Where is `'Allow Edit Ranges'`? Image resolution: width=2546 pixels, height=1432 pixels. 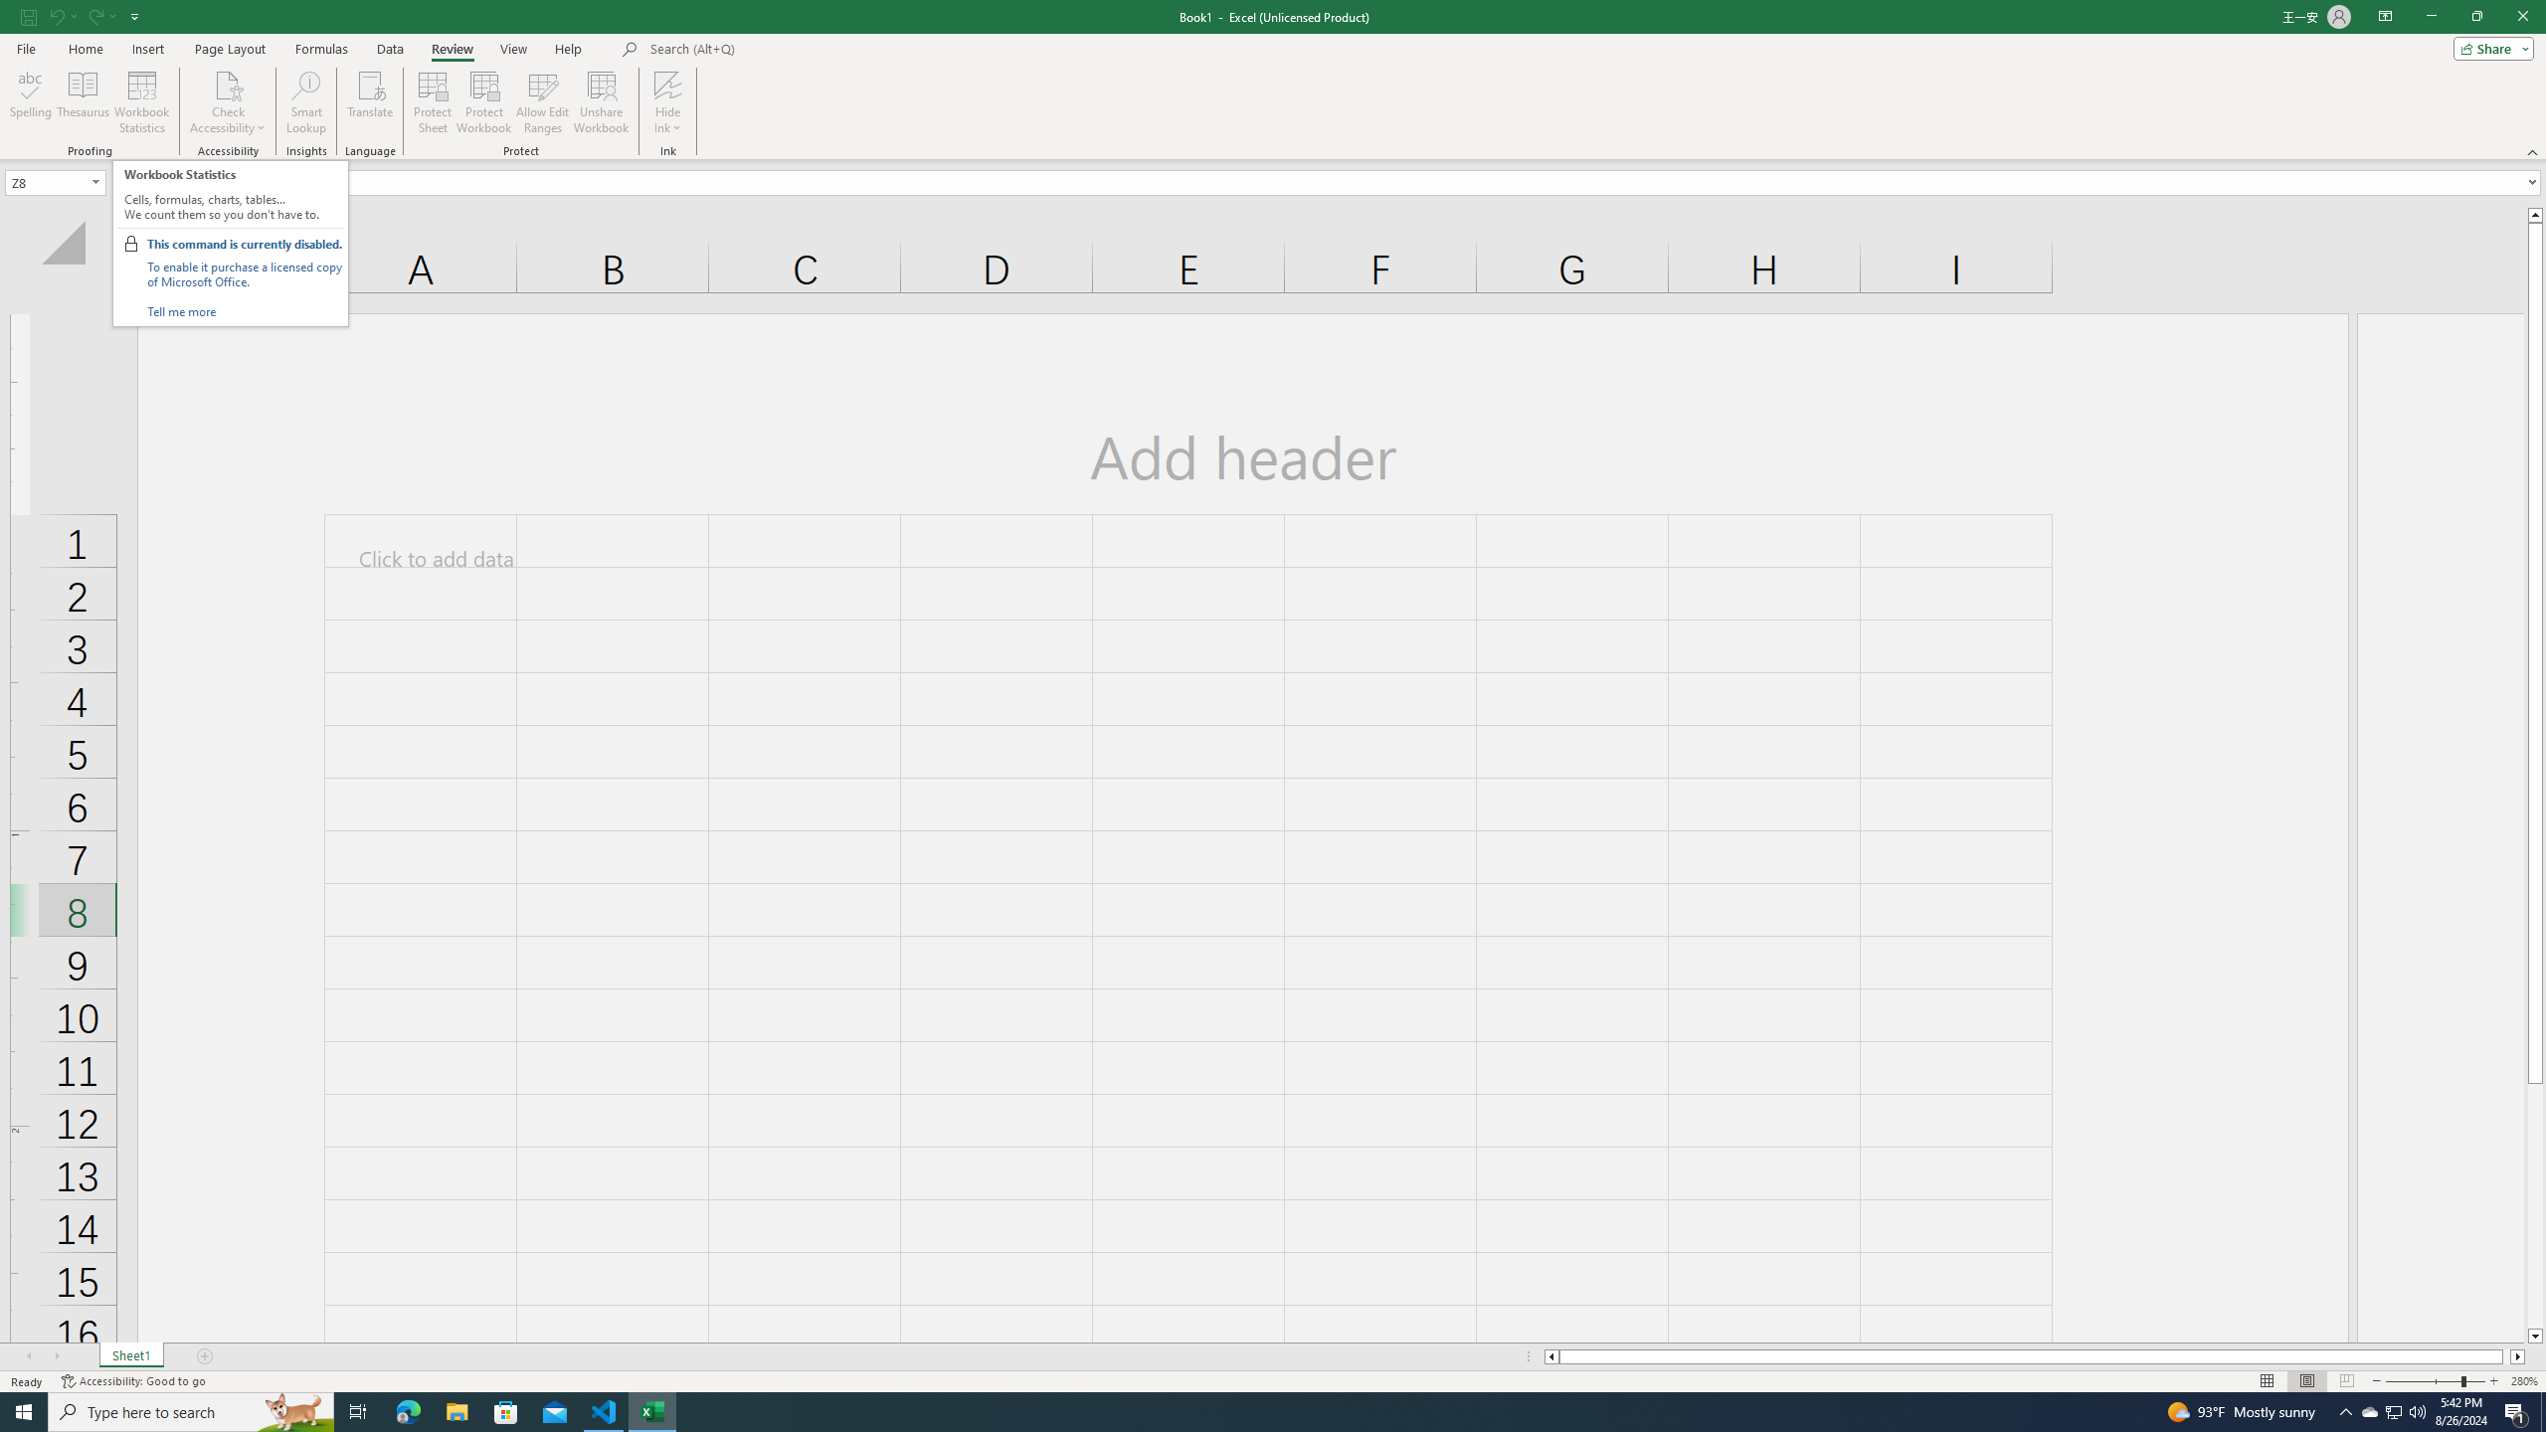
'Allow Edit Ranges' is located at coordinates (543, 102).